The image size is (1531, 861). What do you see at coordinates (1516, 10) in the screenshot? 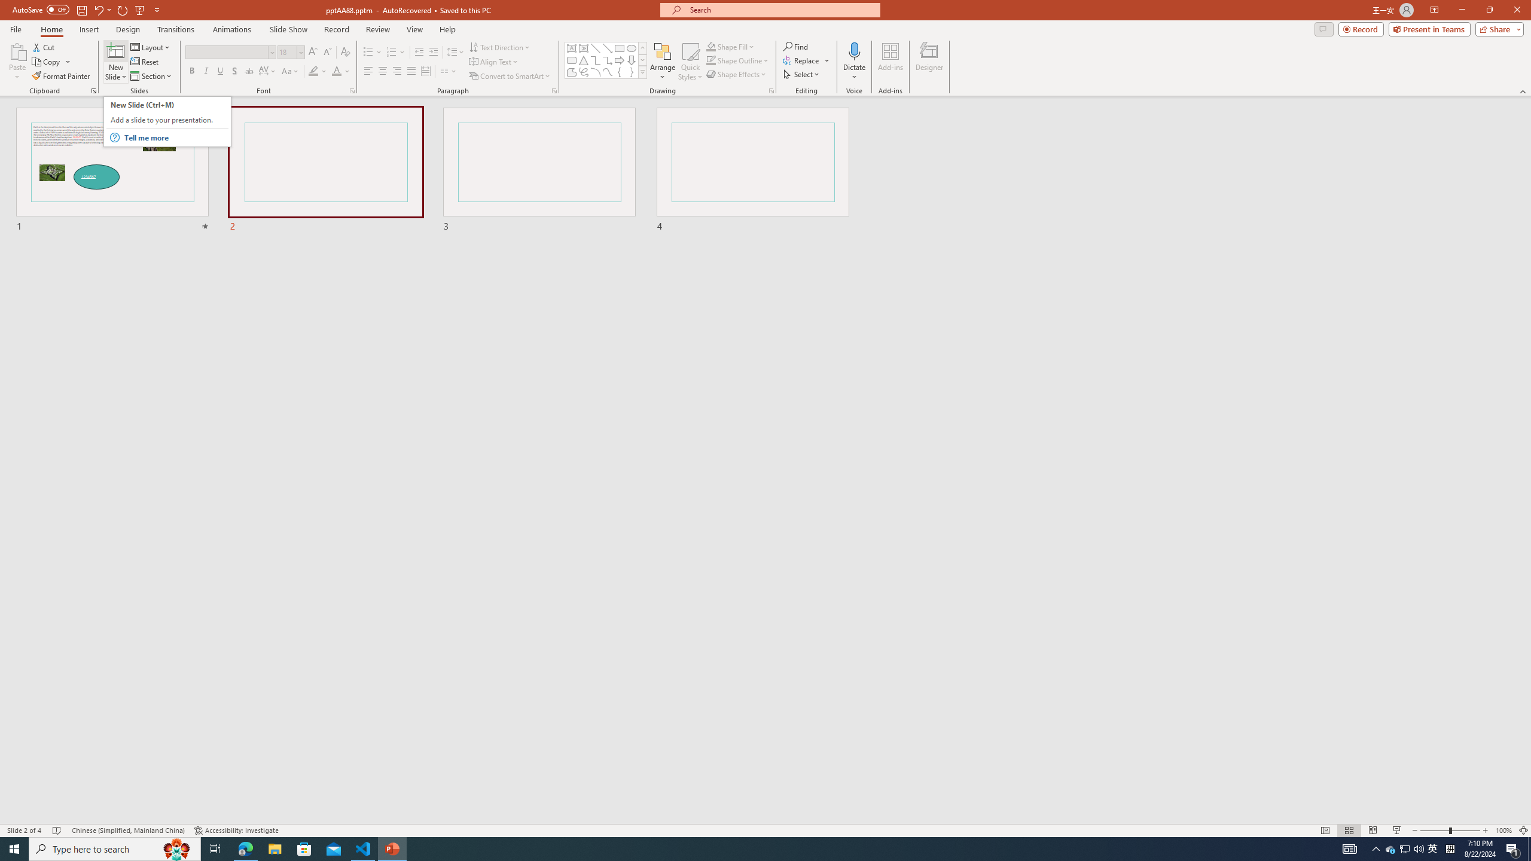
I see `'Close'` at bounding box center [1516, 10].